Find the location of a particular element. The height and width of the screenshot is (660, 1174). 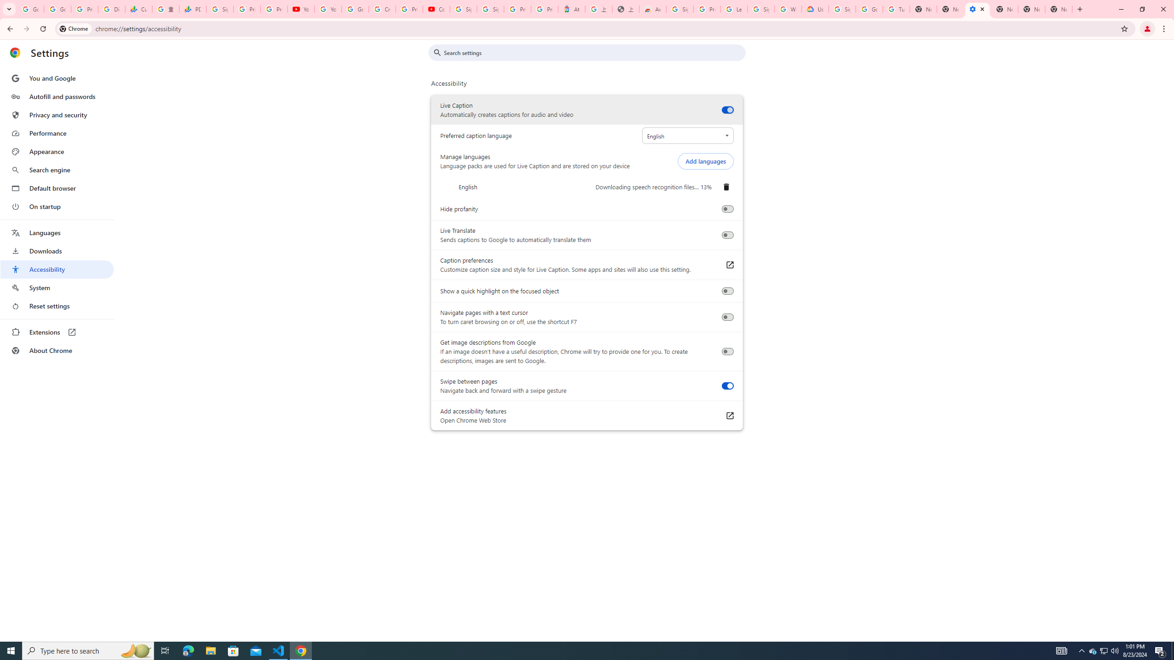

'Default browser' is located at coordinates (56, 188).